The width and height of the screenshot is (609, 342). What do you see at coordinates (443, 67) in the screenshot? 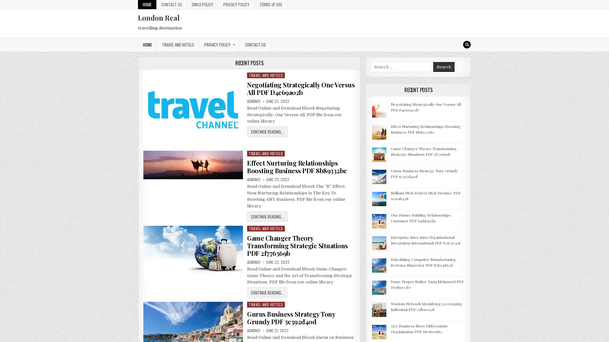
I see `Search` at bounding box center [443, 67].